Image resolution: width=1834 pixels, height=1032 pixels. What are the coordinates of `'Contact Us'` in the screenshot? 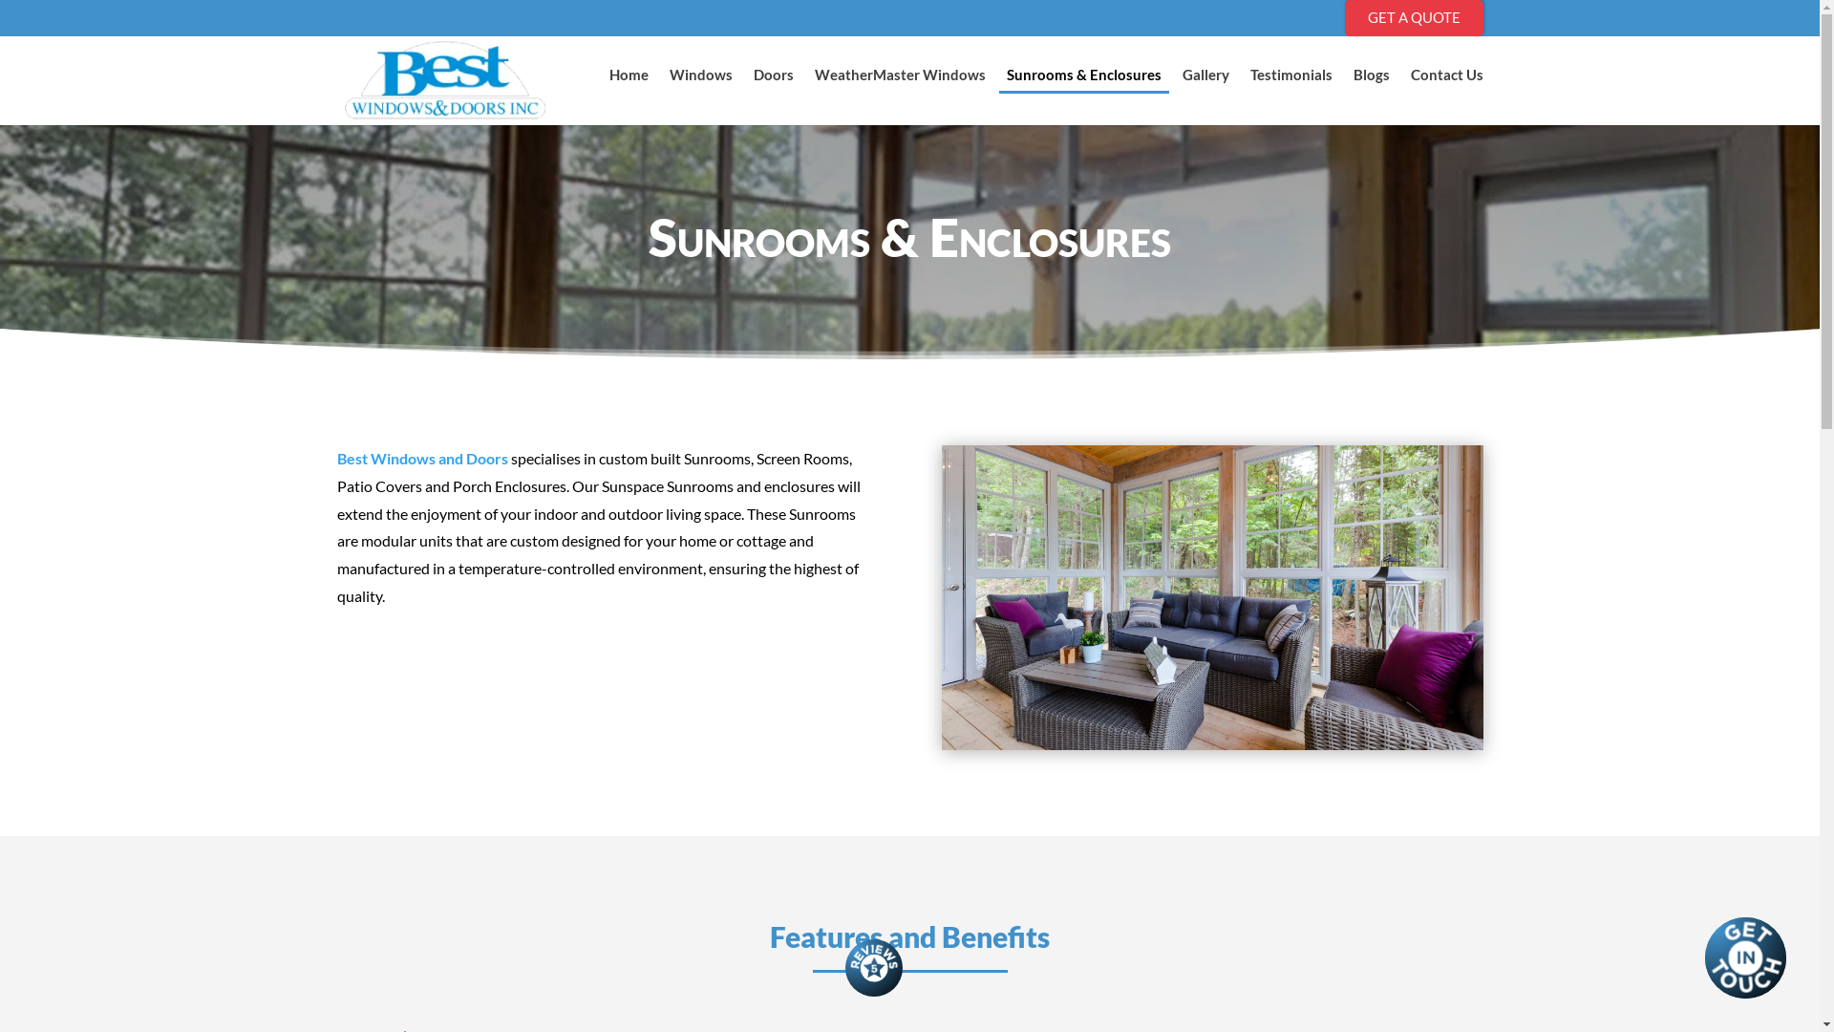 It's located at (1445, 90).